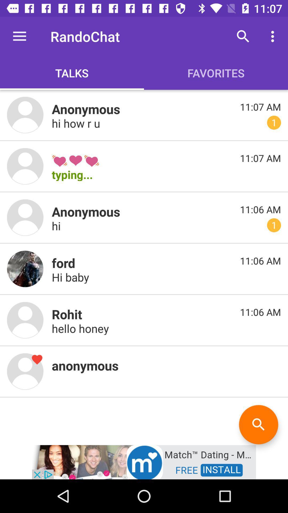  What do you see at coordinates (144, 461) in the screenshot?
I see `open advertisement` at bounding box center [144, 461].